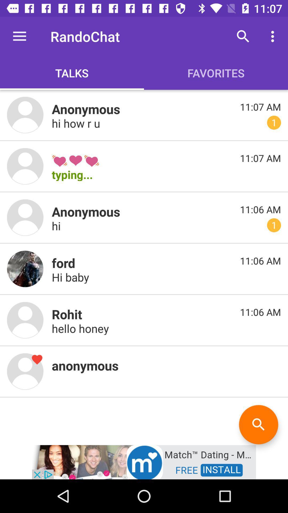  What do you see at coordinates (144, 461) in the screenshot?
I see `open advertisement` at bounding box center [144, 461].